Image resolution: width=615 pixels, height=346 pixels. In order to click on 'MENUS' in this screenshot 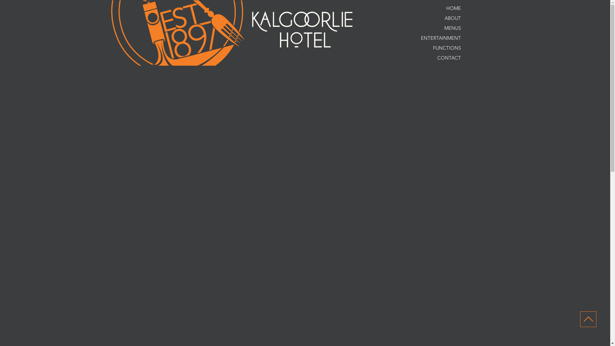, I will do `click(433, 28)`.